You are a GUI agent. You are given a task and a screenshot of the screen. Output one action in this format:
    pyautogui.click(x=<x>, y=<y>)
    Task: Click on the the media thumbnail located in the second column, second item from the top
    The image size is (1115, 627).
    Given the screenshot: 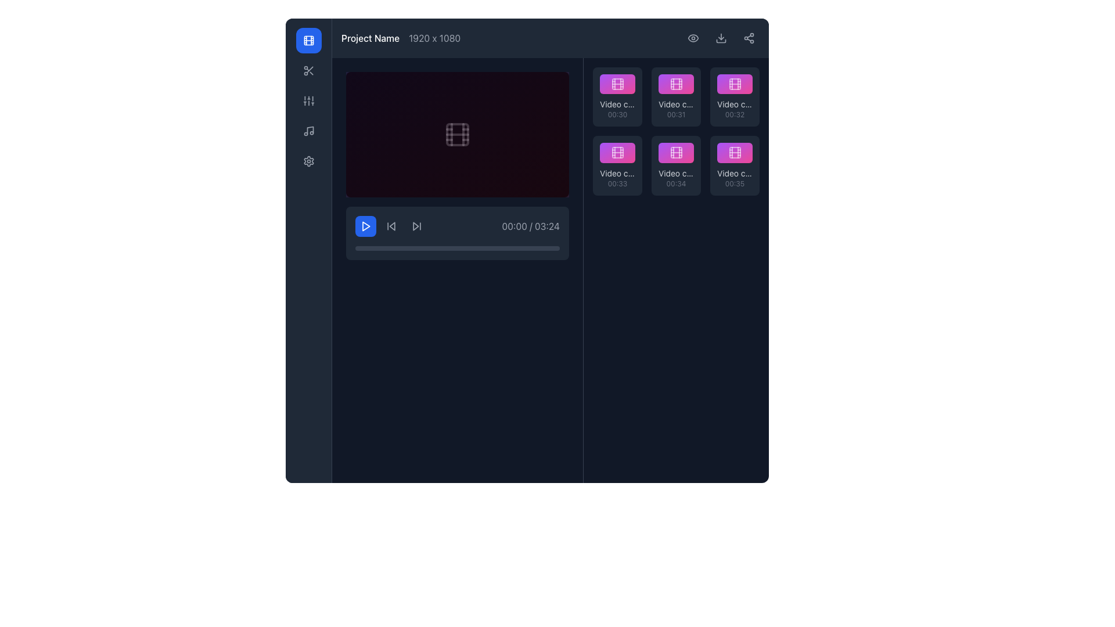 What is the action you would take?
    pyautogui.click(x=676, y=84)
    